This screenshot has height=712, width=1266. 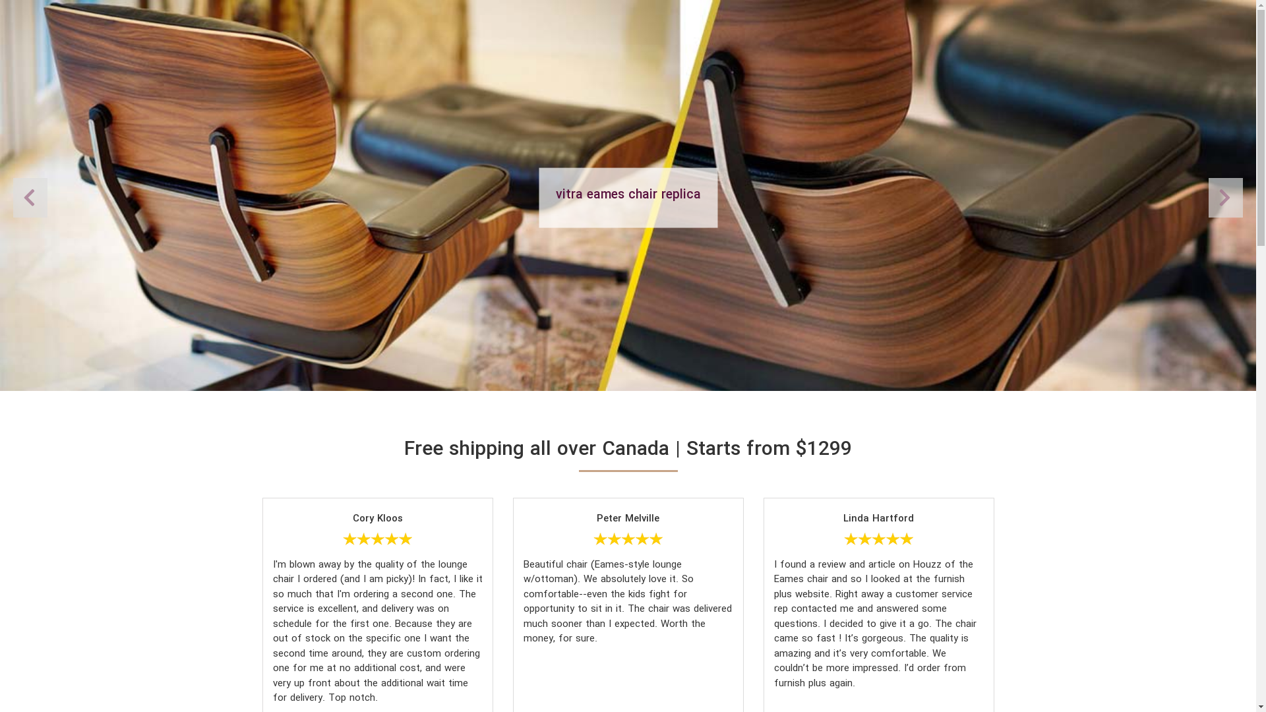 I want to click on 'Previous', so click(x=1224, y=198).